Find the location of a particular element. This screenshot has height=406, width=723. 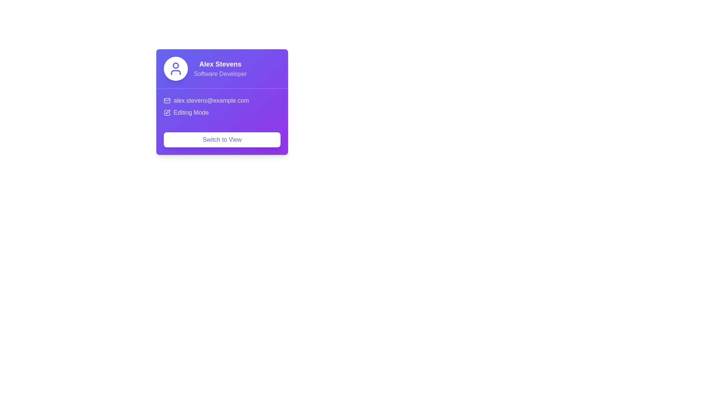

the name or role text in the Profile display section, which is positioned at the top part of a card-like layout is located at coordinates (222, 68).